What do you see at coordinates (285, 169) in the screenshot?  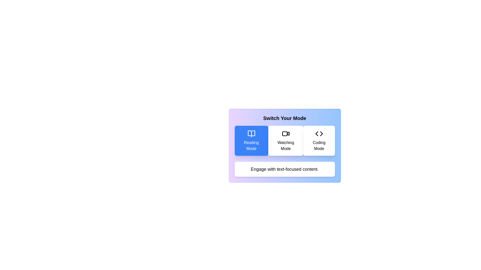 I see `the descriptive text displayed below the mode buttons` at bounding box center [285, 169].